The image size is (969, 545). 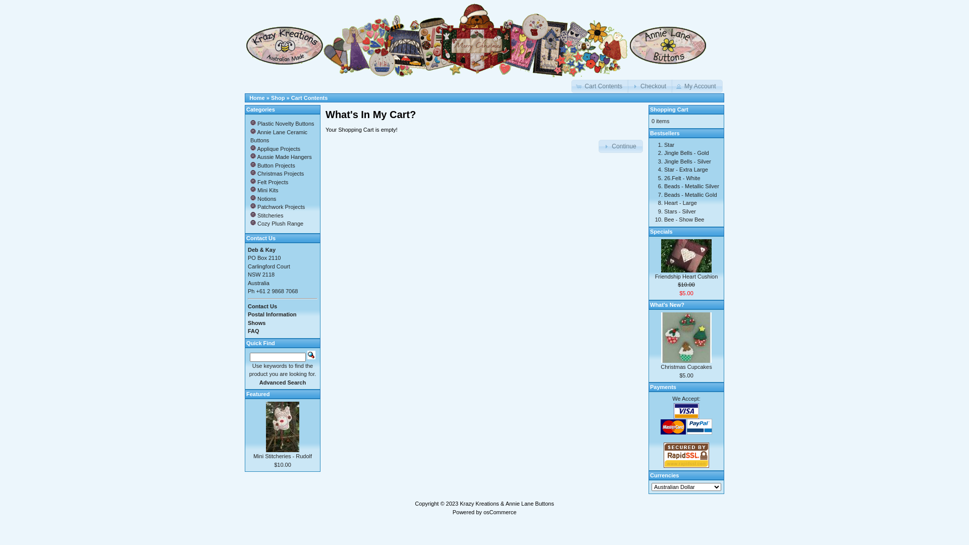 I want to click on 'FAQ', so click(x=253, y=331).